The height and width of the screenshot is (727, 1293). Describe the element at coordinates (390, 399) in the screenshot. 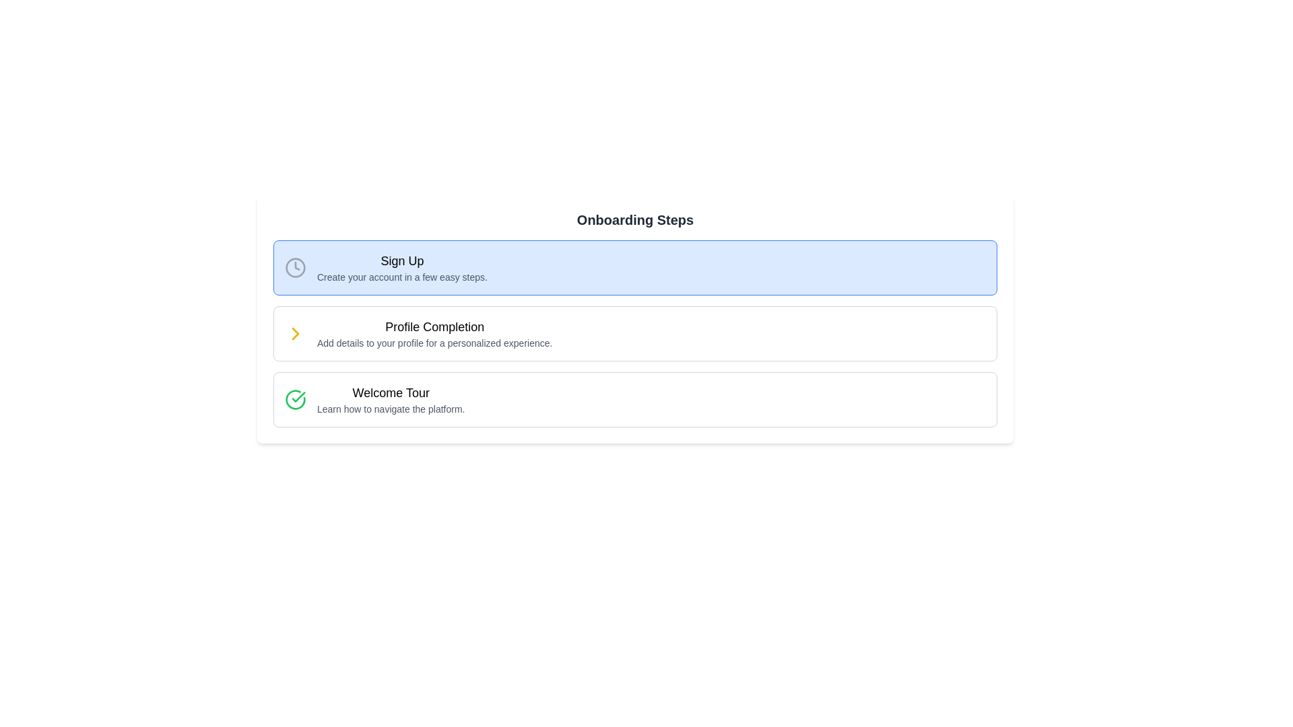

I see `the text block that displays 'Welcome Tour' and 'Learn how to navigate the platform.', which is the third item in the vertical list under 'Onboarding Steps'` at that location.